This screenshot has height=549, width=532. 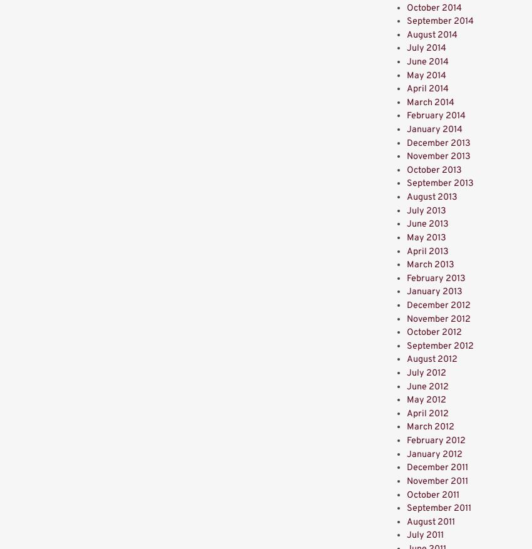 What do you see at coordinates (427, 386) in the screenshot?
I see `'June 2012'` at bounding box center [427, 386].